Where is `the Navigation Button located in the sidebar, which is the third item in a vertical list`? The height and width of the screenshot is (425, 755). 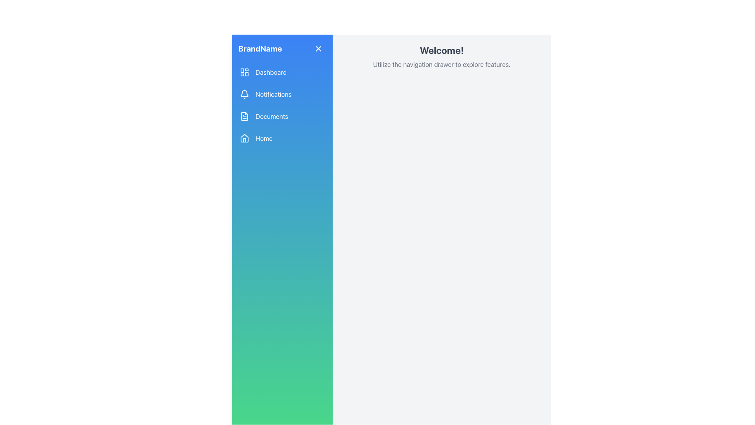
the Navigation Button located in the sidebar, which is the third item in a vertical list is located at coordinates (264, 116).